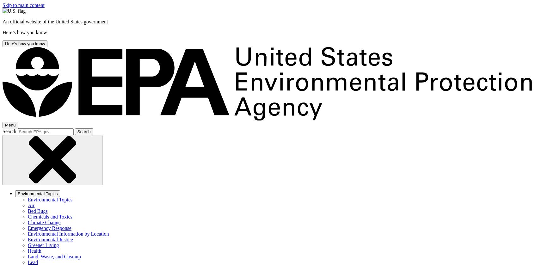 Image resolution: width=535 pixels, height=265 pixels. Describe the element at coordinates (10, 125) in the screenshot. I see `'Menu'` at that location.